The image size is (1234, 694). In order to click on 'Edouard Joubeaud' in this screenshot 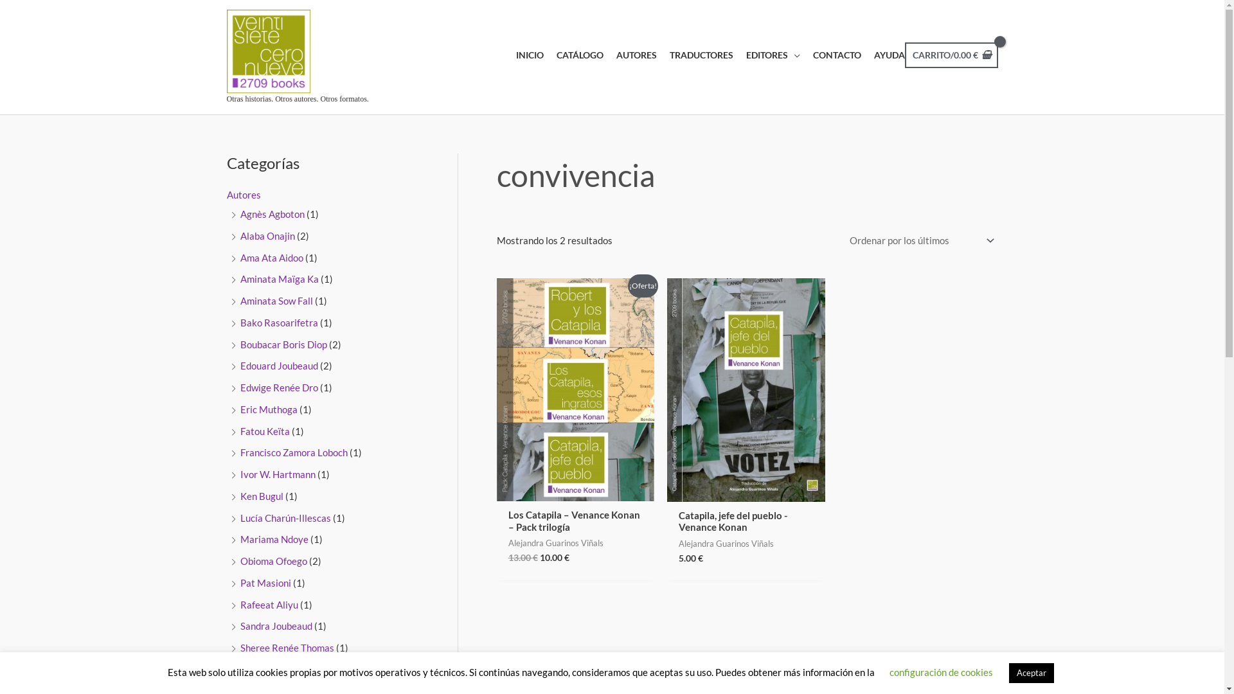, I will do `click(240, 366)`.